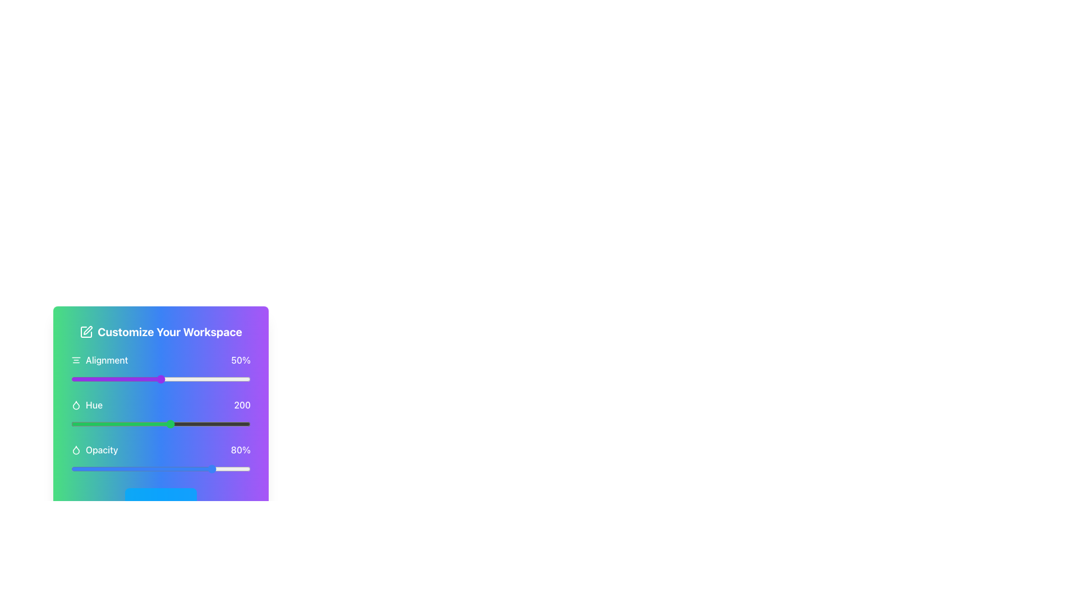  What do you see at coordinates (132, 469) in the screenshot?
I see `opacity` at bounding box center [132, 469].